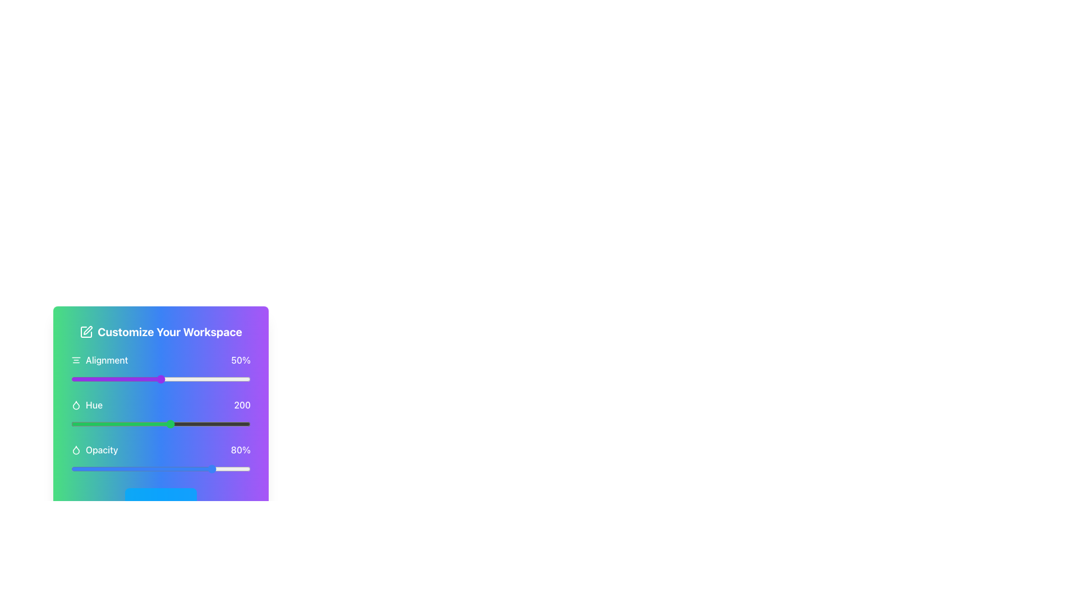  What do you see at coordinates (132, 469) in the screenshot?
I see `opacity` at bounding box center [132, 469].